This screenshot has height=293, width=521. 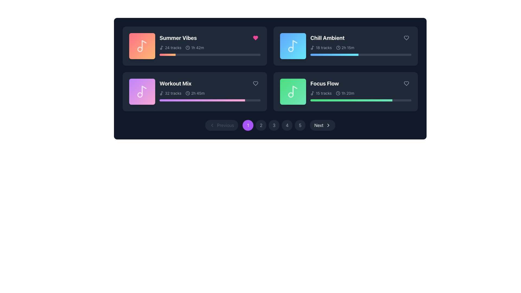 I want to click on the musical note icon located on the top-left card in the grid layout, which is styled with a minimal design and positioned to the left of the text '24 tracks', so click(x=161, y=47).